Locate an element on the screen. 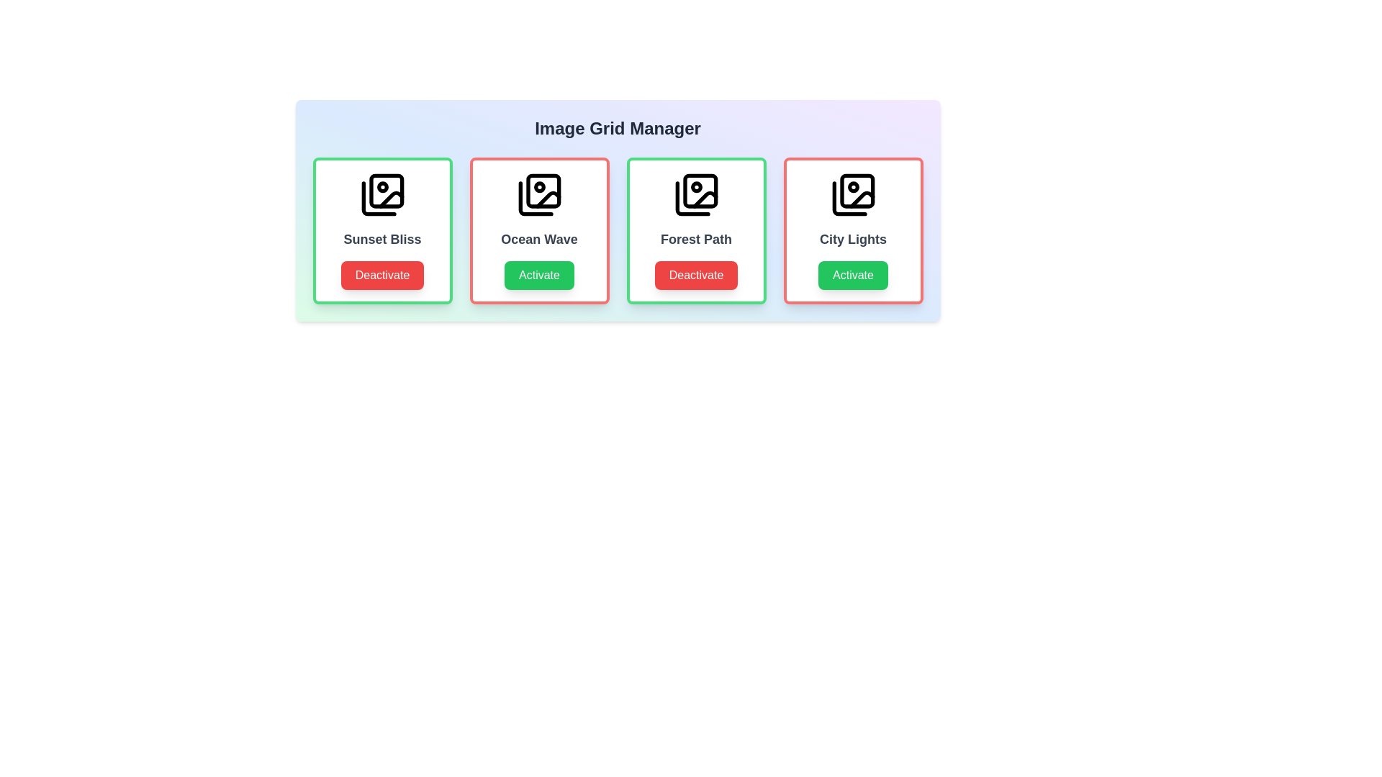 Image resolution: width=1382 pixels, height=777 pixels. button corresponding to Sunset Bliss to toggle its activity status is located at coordinates (382, 275).